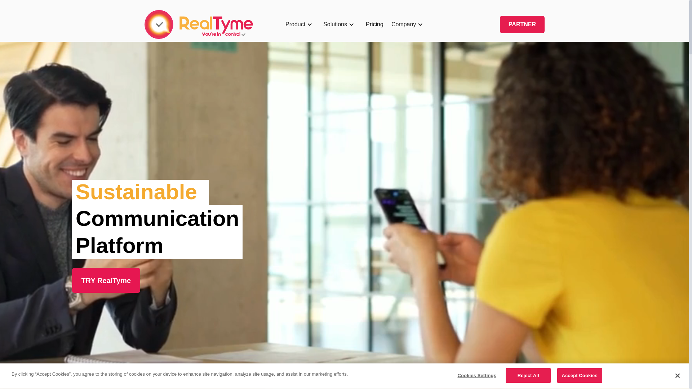 This screenshot has height=389, width=692. Describe the element at coordinates (374, 24) in the screenshot. I see `'Pricing'` at that location.